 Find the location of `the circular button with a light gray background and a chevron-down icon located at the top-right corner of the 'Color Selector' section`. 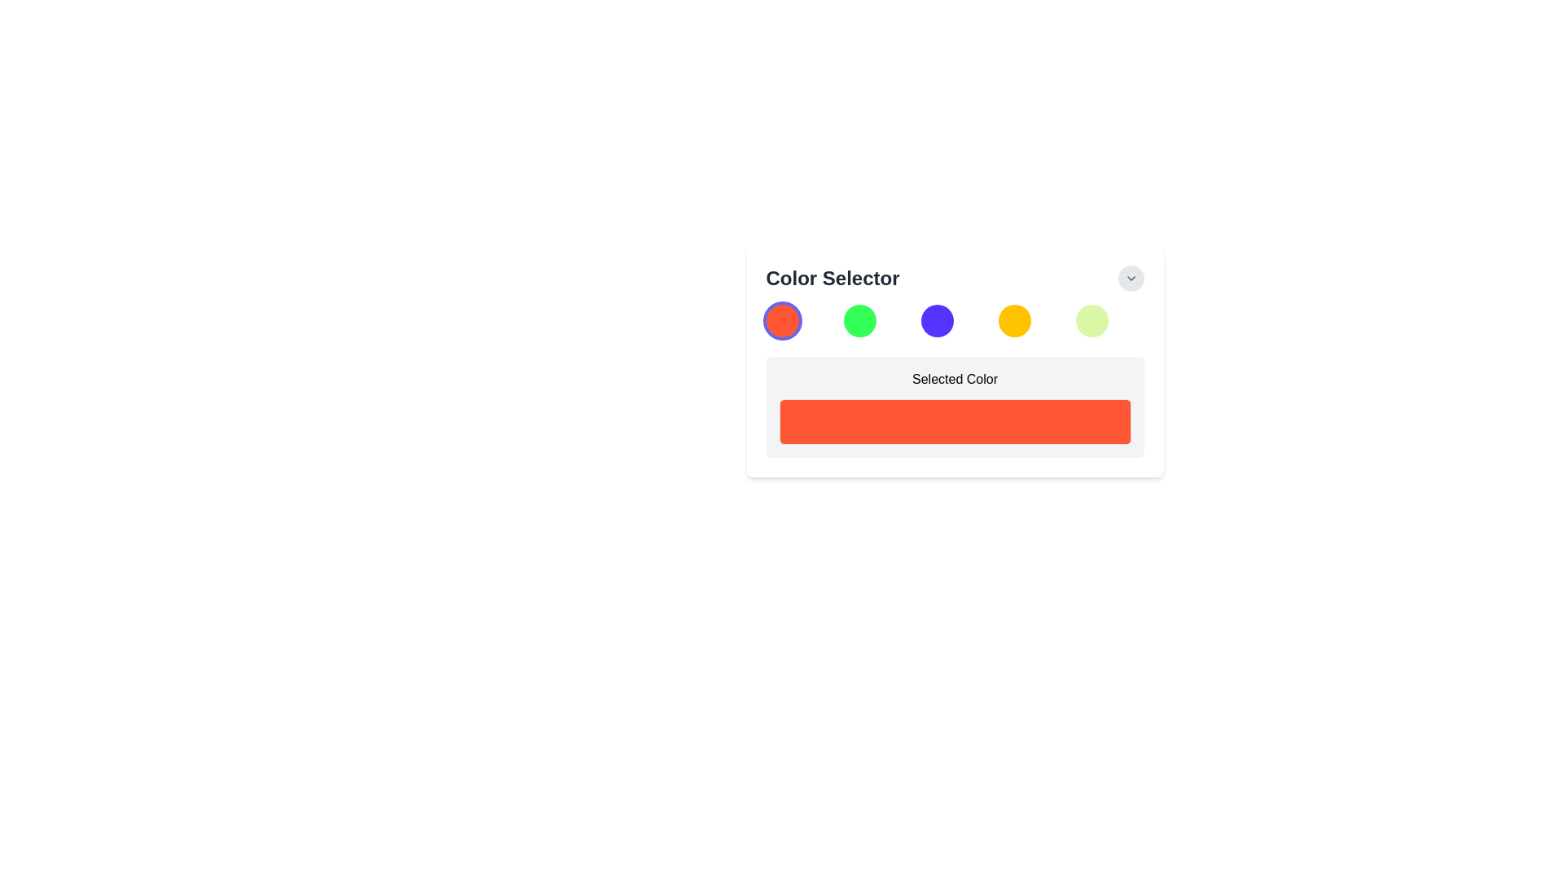

the circular button with a light gray background and a chevron-down icon located at the top-right corner of the 'Color Selector' section is located at coordinates (1130, 278).